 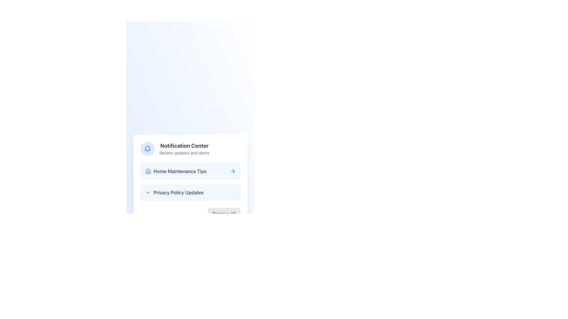 I want to click on the blue bell icon located in the Notification Center, so click(x=148, y=149).